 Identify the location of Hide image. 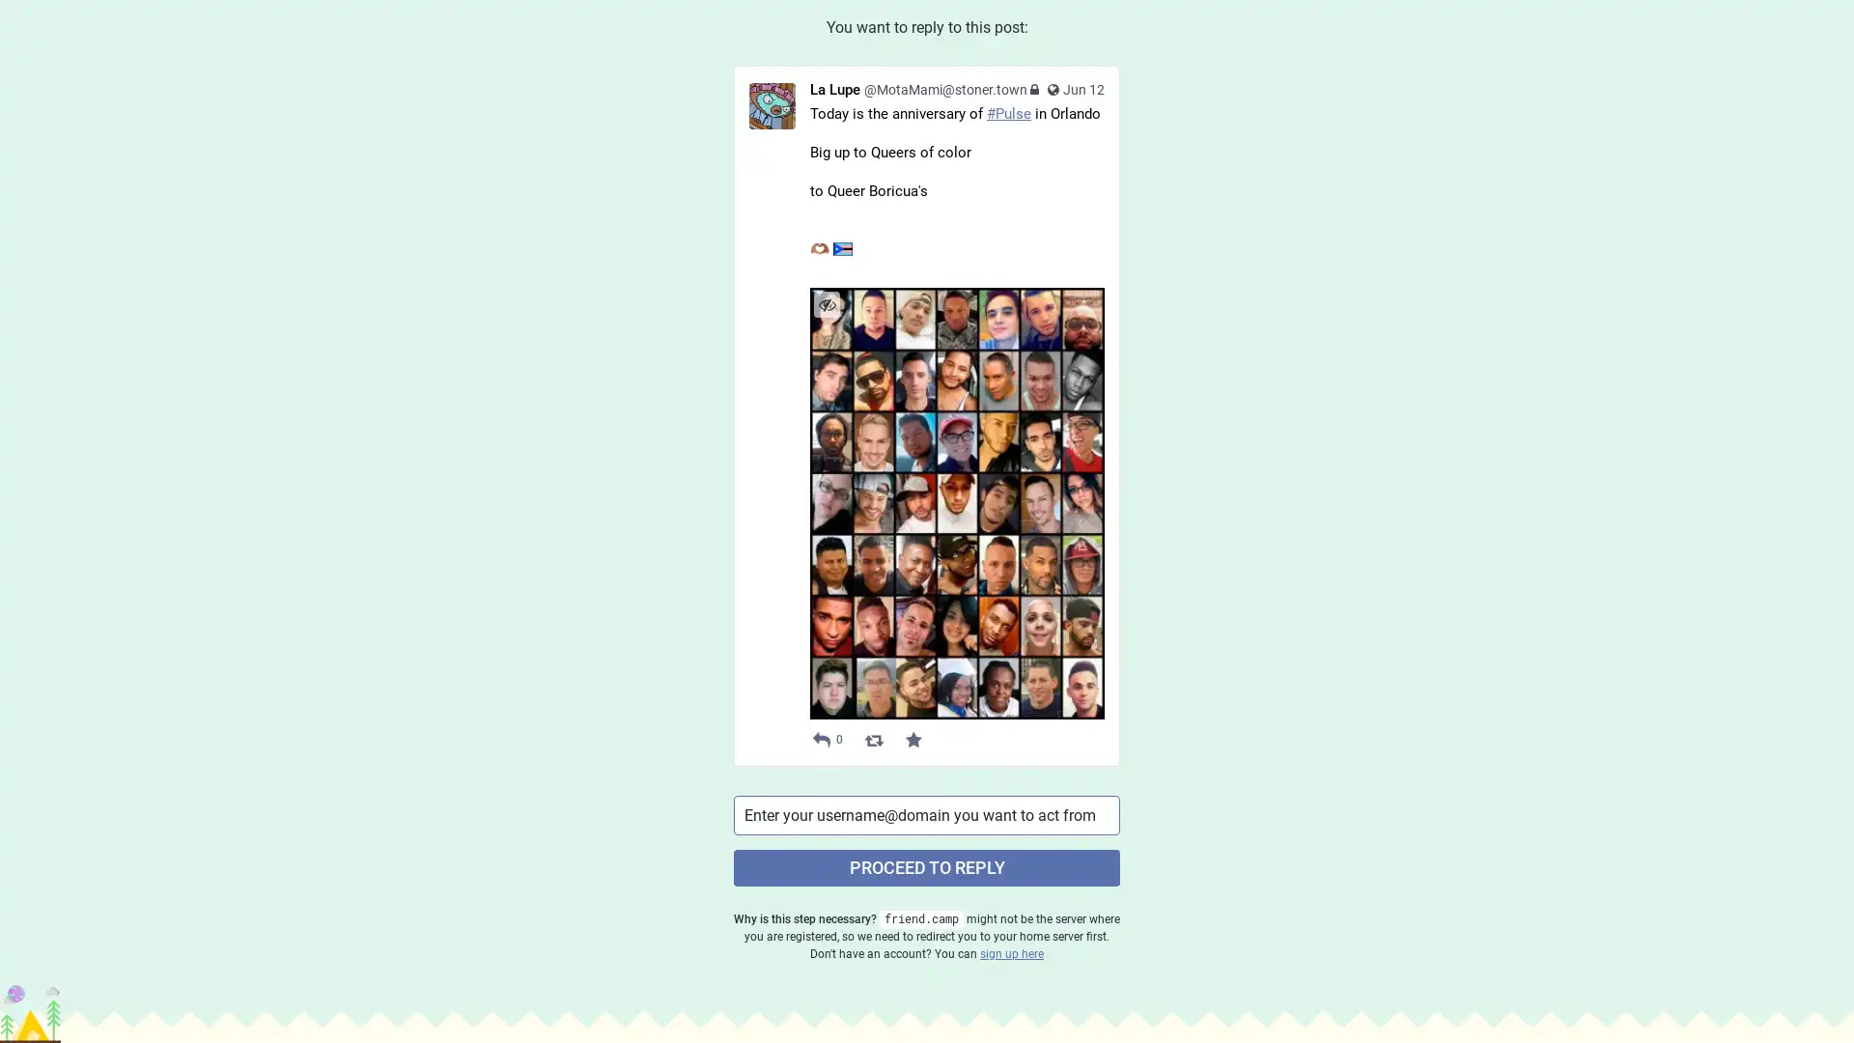
(827, 304).